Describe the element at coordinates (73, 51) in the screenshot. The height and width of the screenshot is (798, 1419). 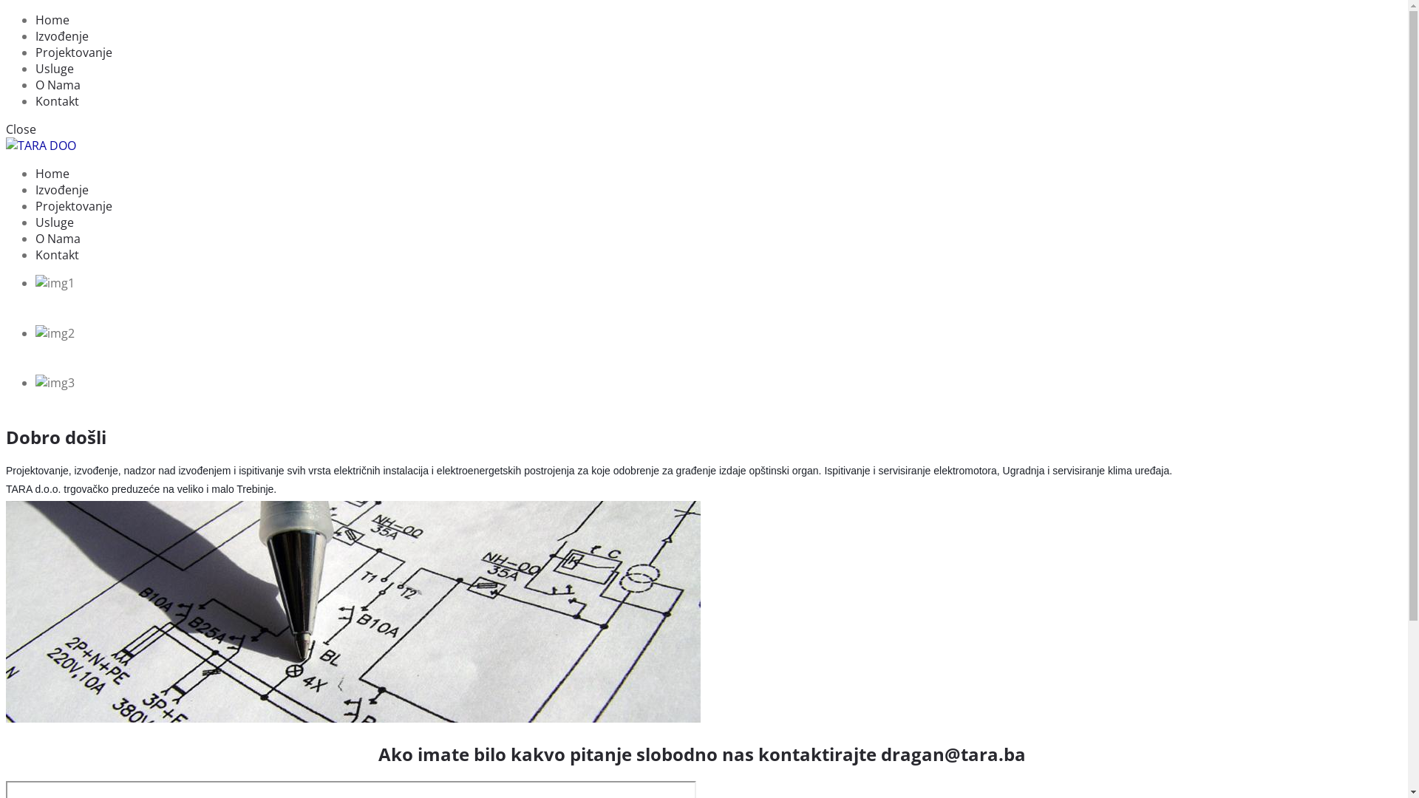
I see `'Projektovanje'` at that location.